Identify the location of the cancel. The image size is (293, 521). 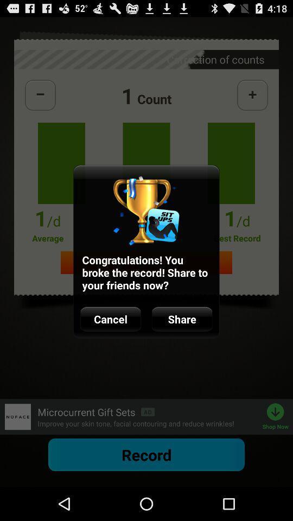
(110, 319).